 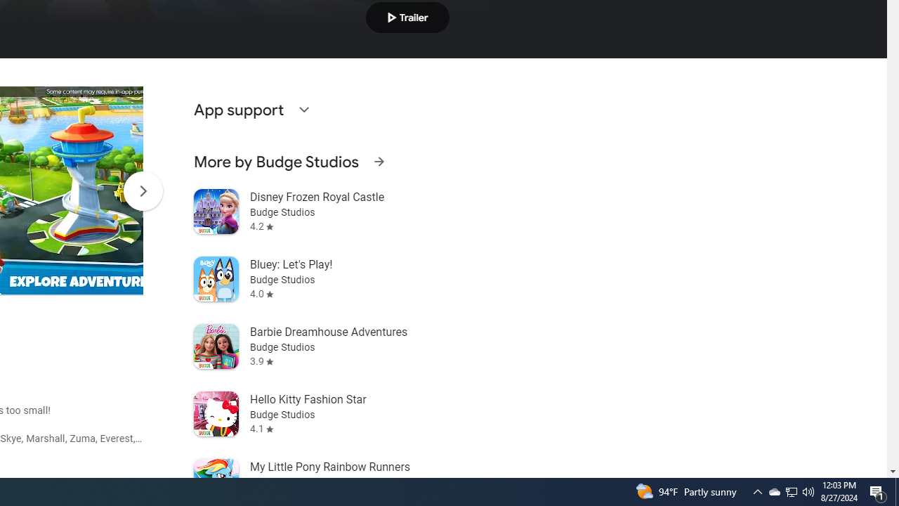 I want to click on 'Expand', so click(x=303, y=108).